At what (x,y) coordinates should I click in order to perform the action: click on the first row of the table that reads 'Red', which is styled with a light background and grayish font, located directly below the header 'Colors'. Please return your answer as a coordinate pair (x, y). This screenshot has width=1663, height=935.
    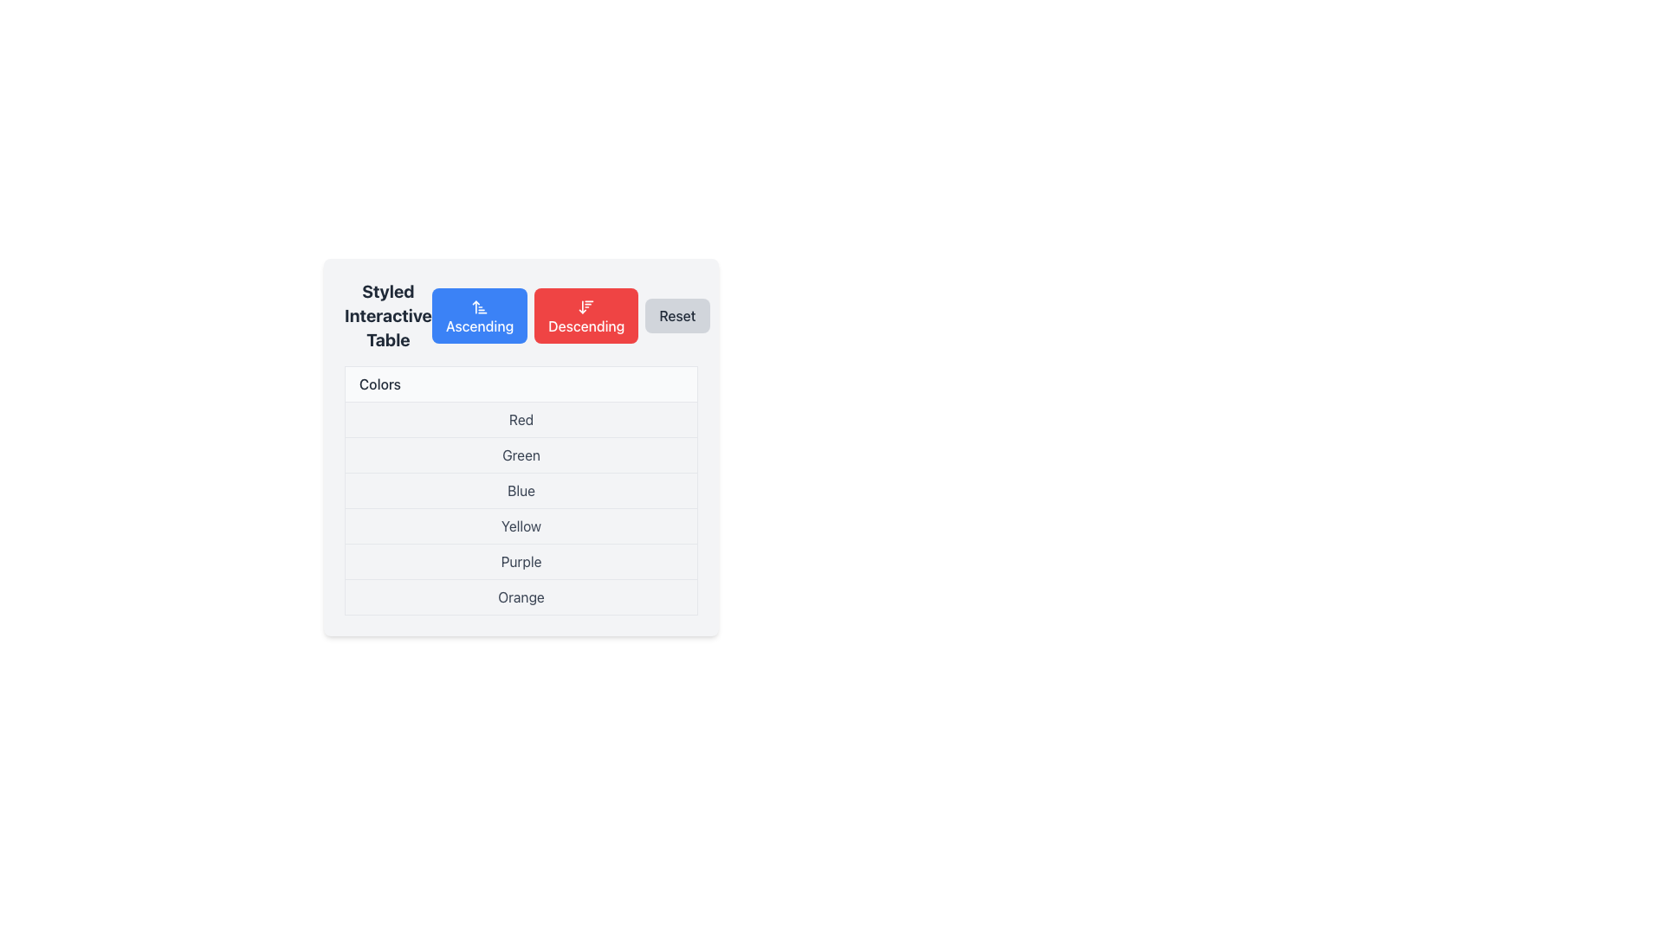
    Looking at the image, I should click on (520, 420).